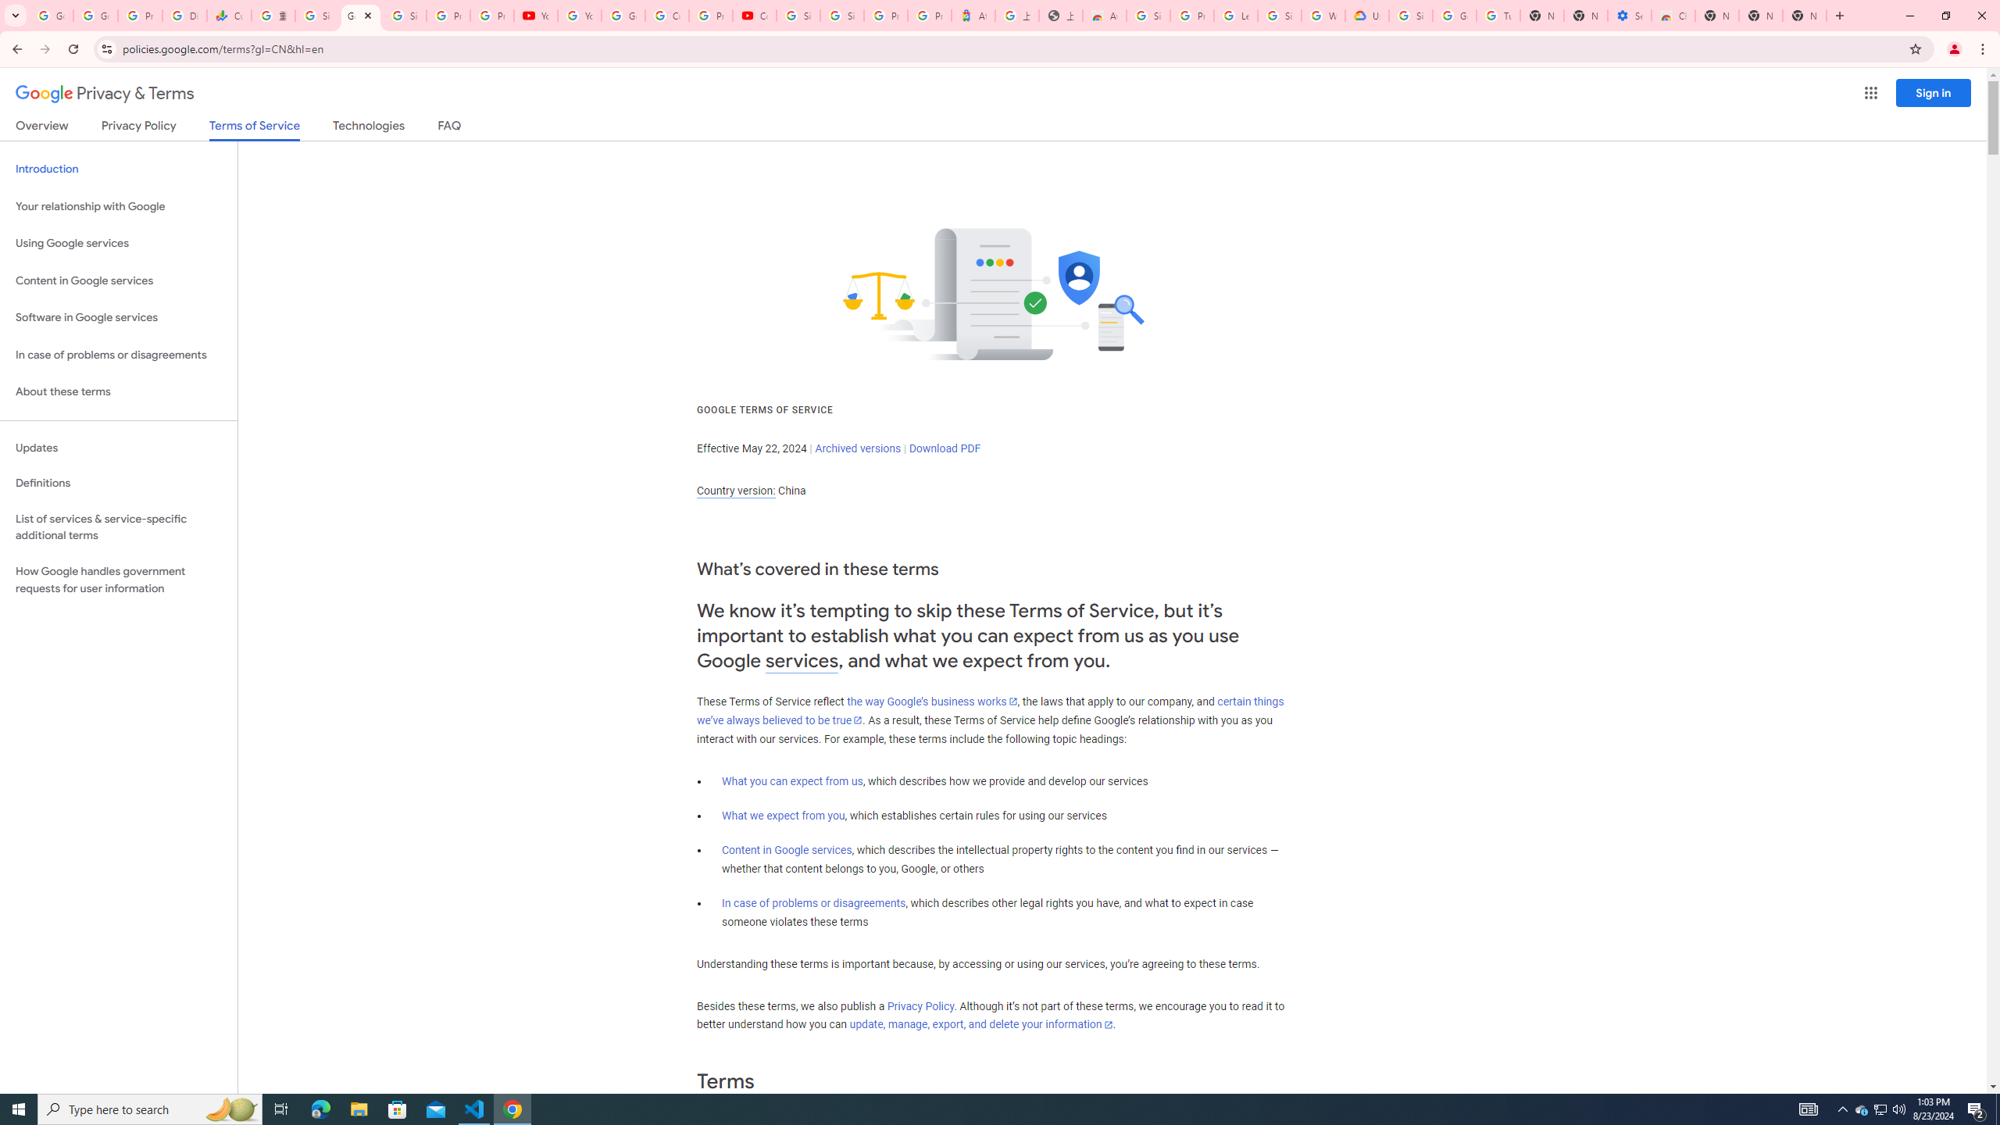  What do you see at coordinates (535, 15) in the screenshot?
I see `'YouTube'` at bounding box center [535, 15].